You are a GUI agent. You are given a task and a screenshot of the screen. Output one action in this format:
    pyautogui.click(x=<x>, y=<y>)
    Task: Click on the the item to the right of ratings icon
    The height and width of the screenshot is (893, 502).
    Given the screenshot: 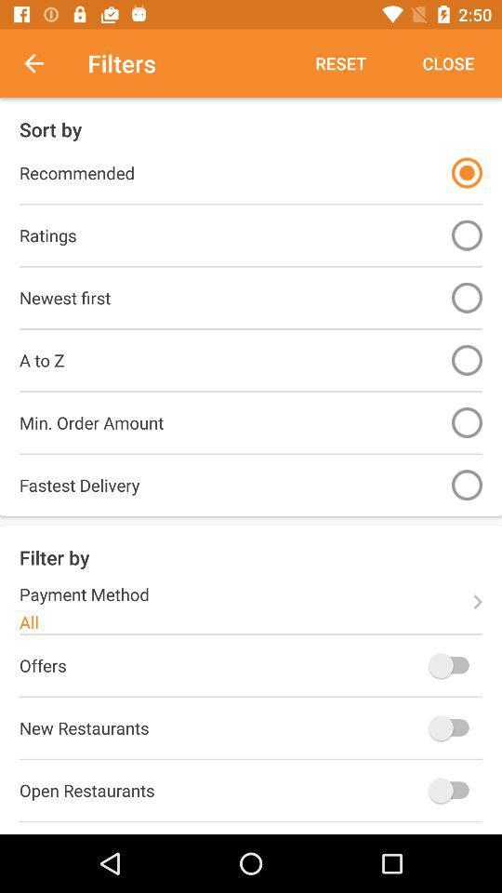 What is the action you would take?
    pyautogui.click(x=466, y=234)
    